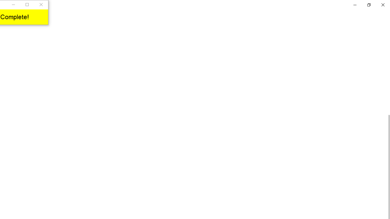 Image resolution: width=390 pixels, height=219 pixels. What do you see at coordinates (387, 32) in the screenshot?
I see `'Vertical Small Decrease'` at bounding box center [387, 32].